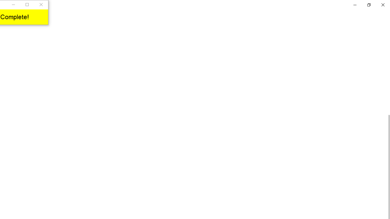 Image resolution: width=390 pixels, height=219 pixels. What do you see at coordinates (387, 32) in the screenshot?
I see `'Vertical Small Decrease'` at bounding box center [387, 32].